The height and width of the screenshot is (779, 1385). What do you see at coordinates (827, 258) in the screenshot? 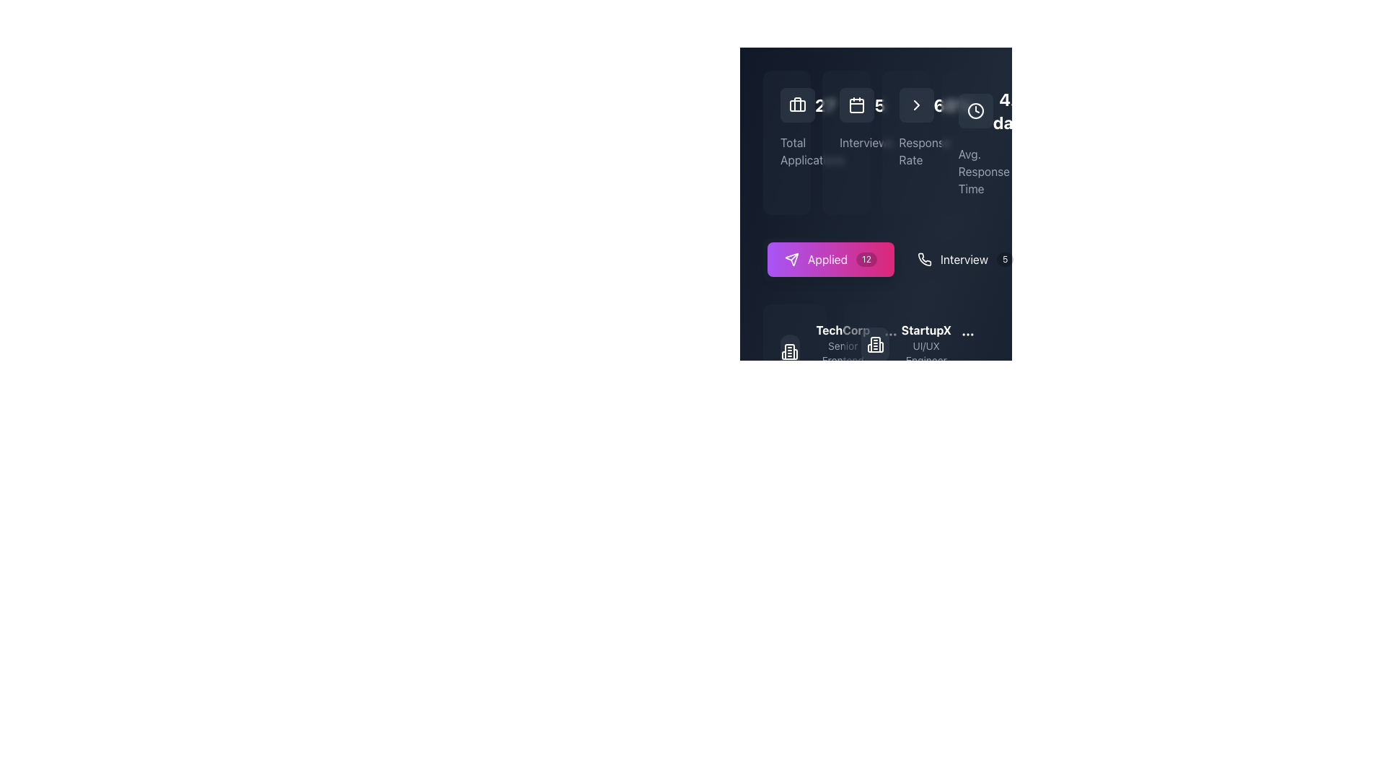
I see `the button labeled 'Applied' which serves as a primary navigation element in the application interface` at bounding box center [827, 258].